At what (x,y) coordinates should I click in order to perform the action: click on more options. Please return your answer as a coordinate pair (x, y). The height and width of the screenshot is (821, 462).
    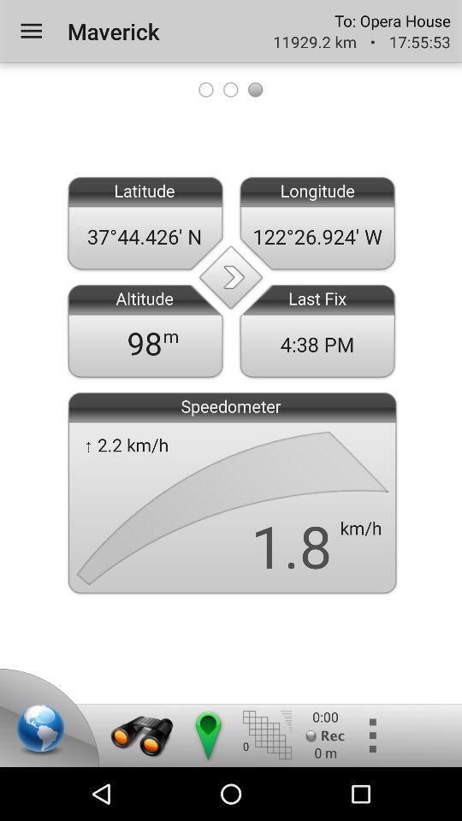
    Looking at the image, I should click on (370, 735).